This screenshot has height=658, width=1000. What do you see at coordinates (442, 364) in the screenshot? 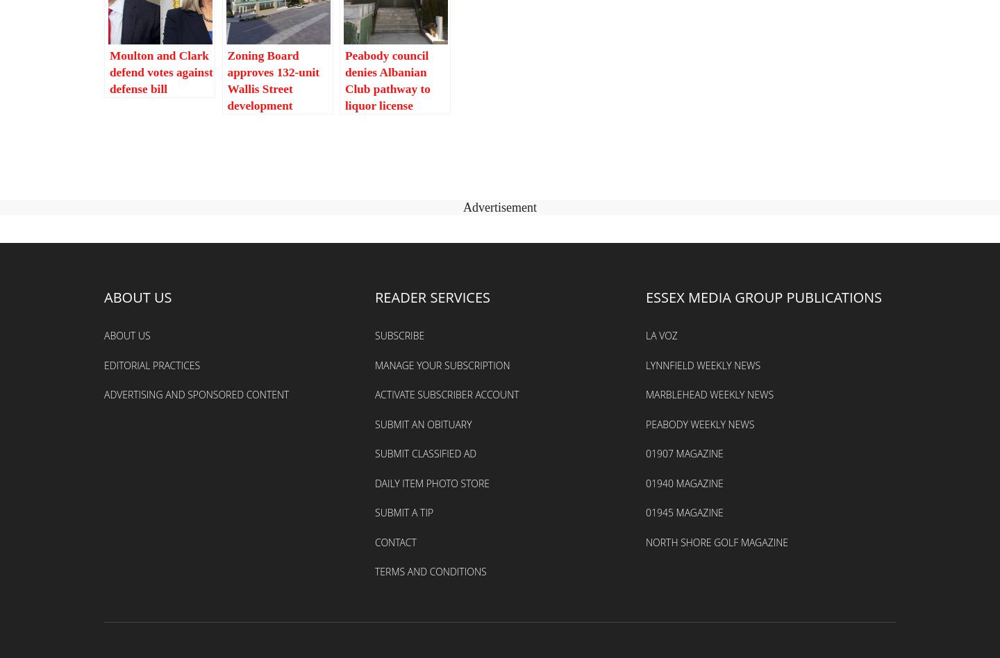
I see `'Manage Your Subscription'` at bounding box center [442, 364].